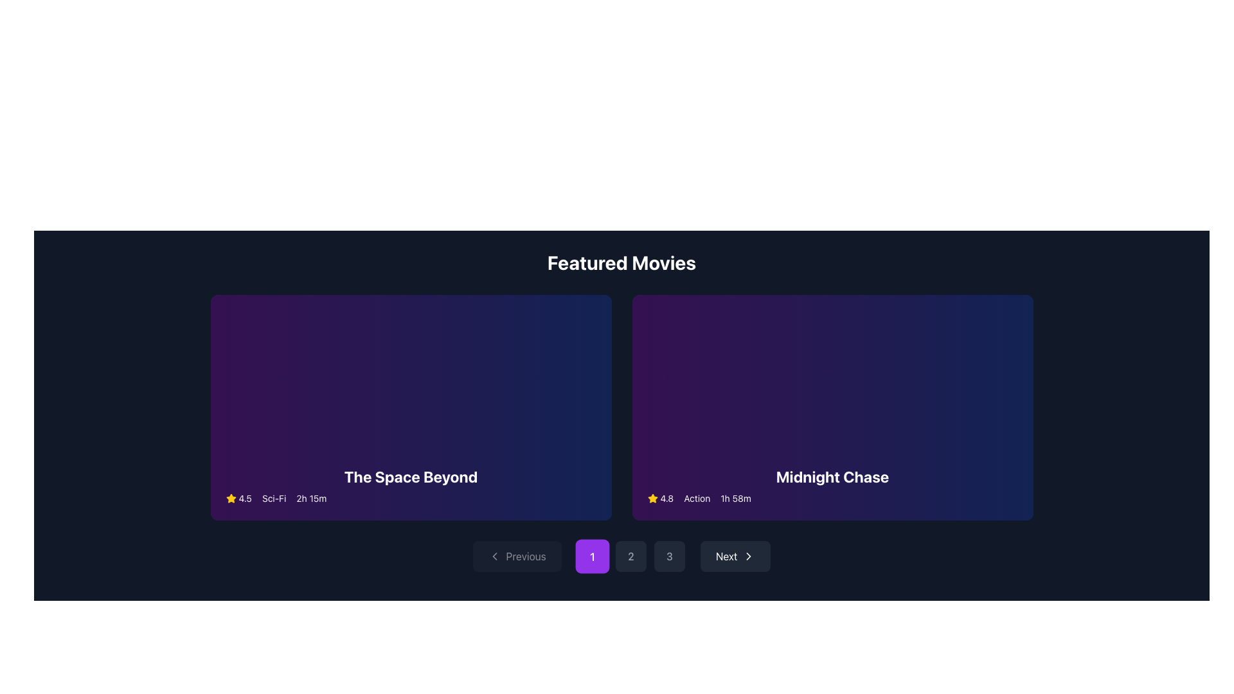 The height and width of the screenshot is (694, 1234). Describe the element at coordinates (494, 556) in the screenshot. I see `the leftward-pointing chevron arrow IconButton located in the bottom navigation section` at that location.